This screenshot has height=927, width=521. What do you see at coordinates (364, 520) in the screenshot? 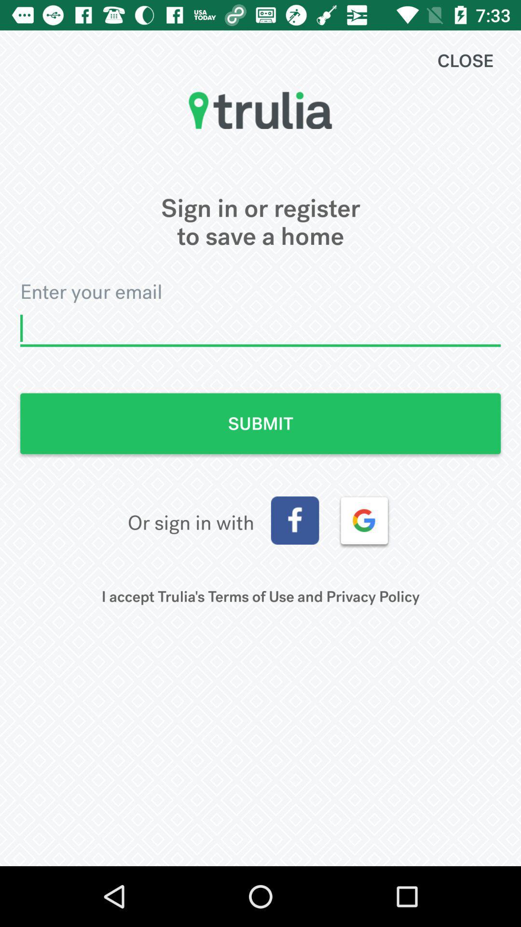
I see `sign in with google account` at bounding box center [364, 520].